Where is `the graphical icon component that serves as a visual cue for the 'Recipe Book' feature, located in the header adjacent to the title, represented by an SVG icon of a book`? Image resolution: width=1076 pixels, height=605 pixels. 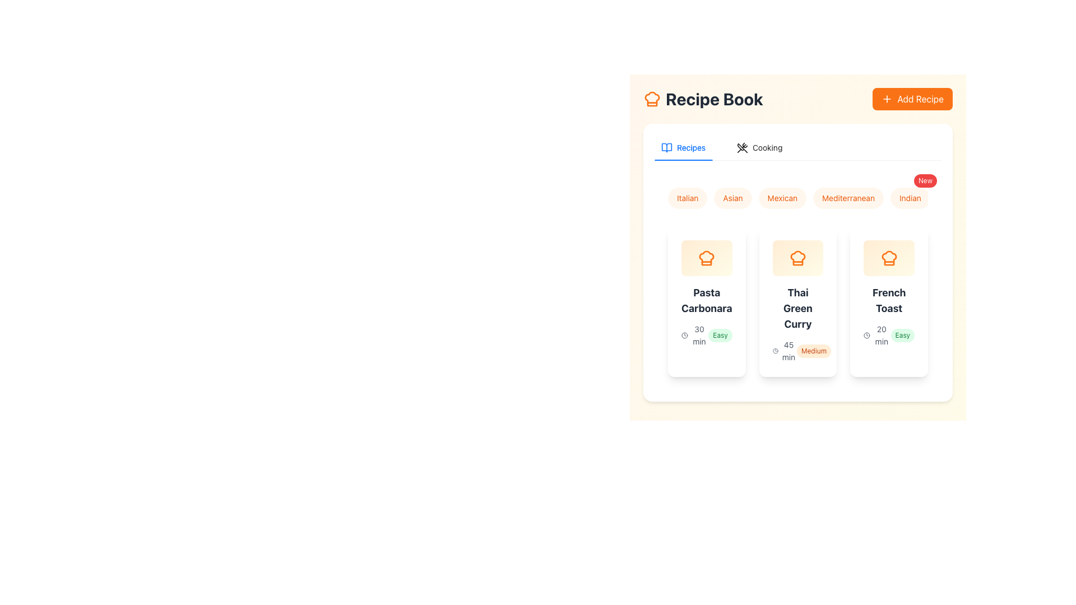 the graphical icon component that serves as a visual cue for the 'Recipe Book' feature, located in the header adjacent to the title, represented by an SVG icon of a book is located at coordinates (667, 147).